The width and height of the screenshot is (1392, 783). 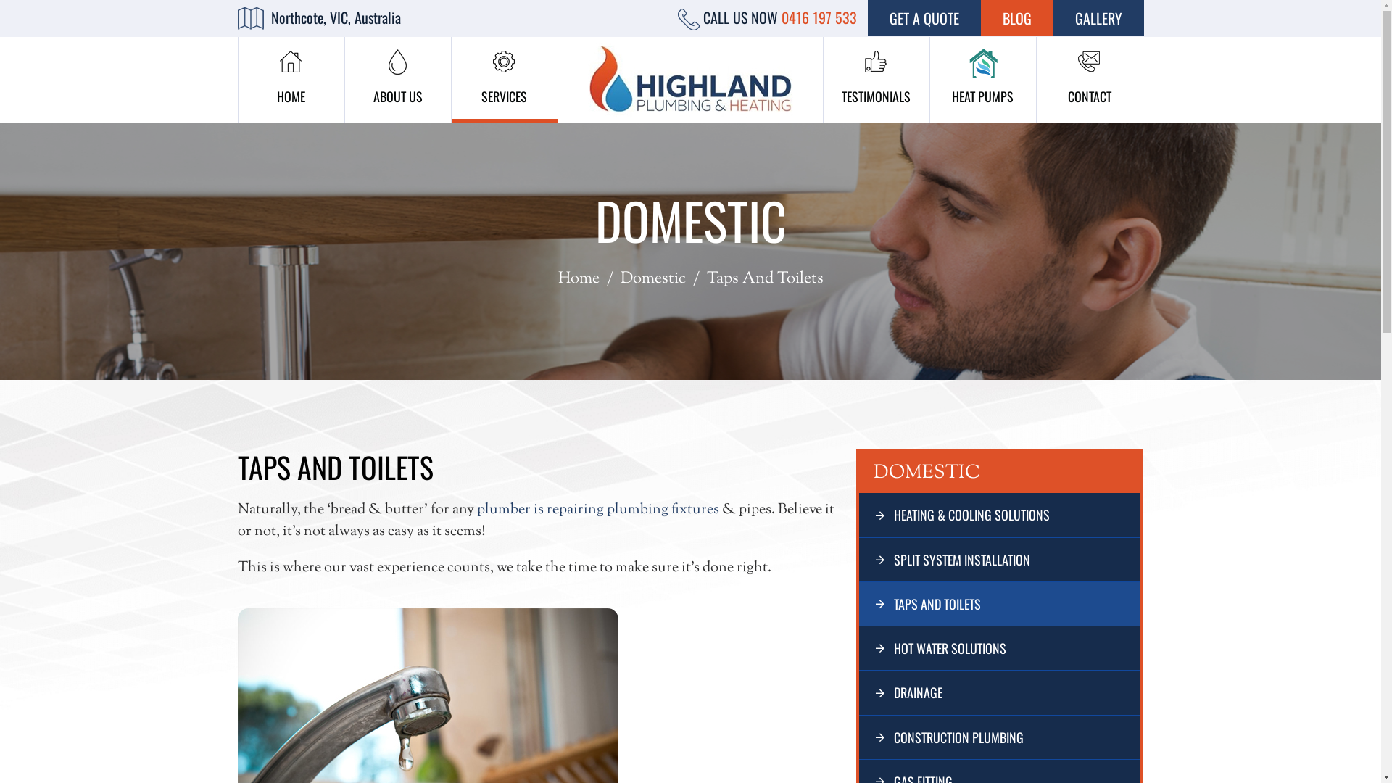 I want to click on 'GALLERY', so click(x=1098, y=17).